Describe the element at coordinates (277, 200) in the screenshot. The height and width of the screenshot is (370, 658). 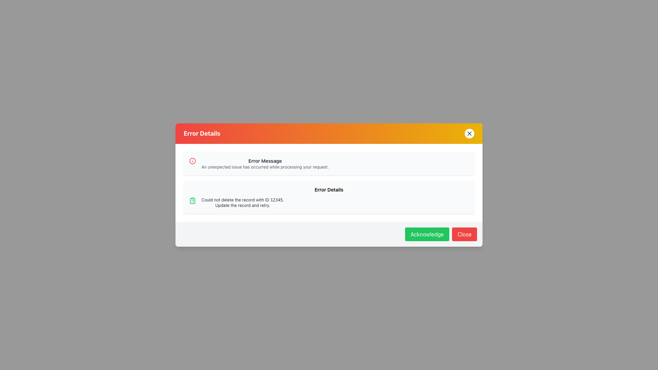
I see `the numeric identifier '12345' displayed in the error message 'Could not delete the record with ID 12345. Update the record and retry.' located in the second section of the error details modal` at that location.